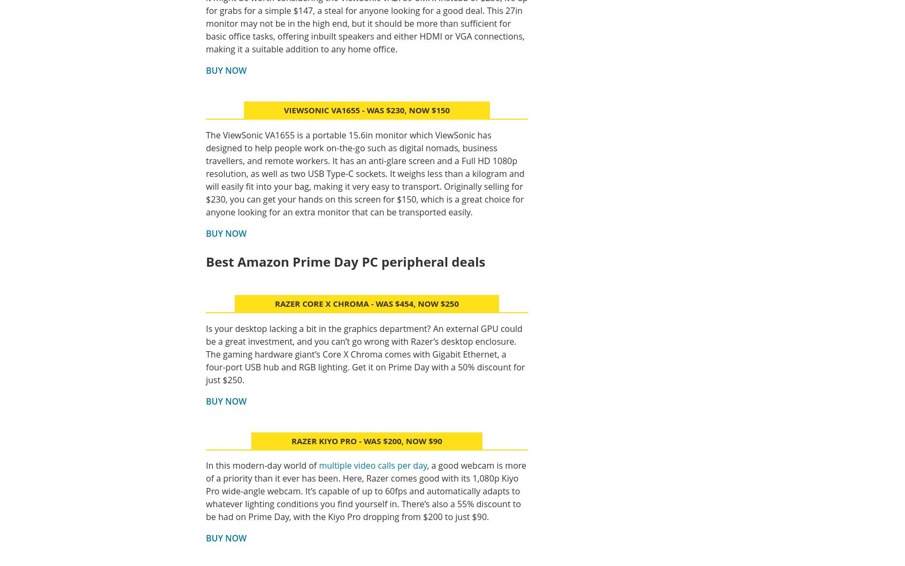 The height and width of the screenshot is (566, 905). I want to click on 'Best Amazon Prime Day PC peripheral deals', so click(205, 261).